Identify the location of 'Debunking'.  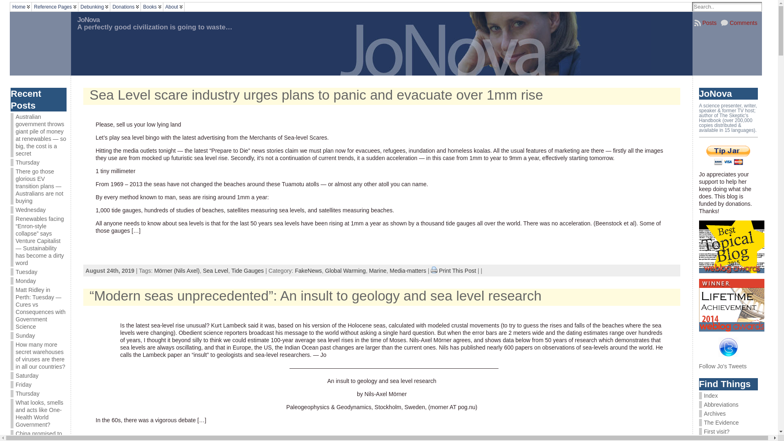
(94, 7).